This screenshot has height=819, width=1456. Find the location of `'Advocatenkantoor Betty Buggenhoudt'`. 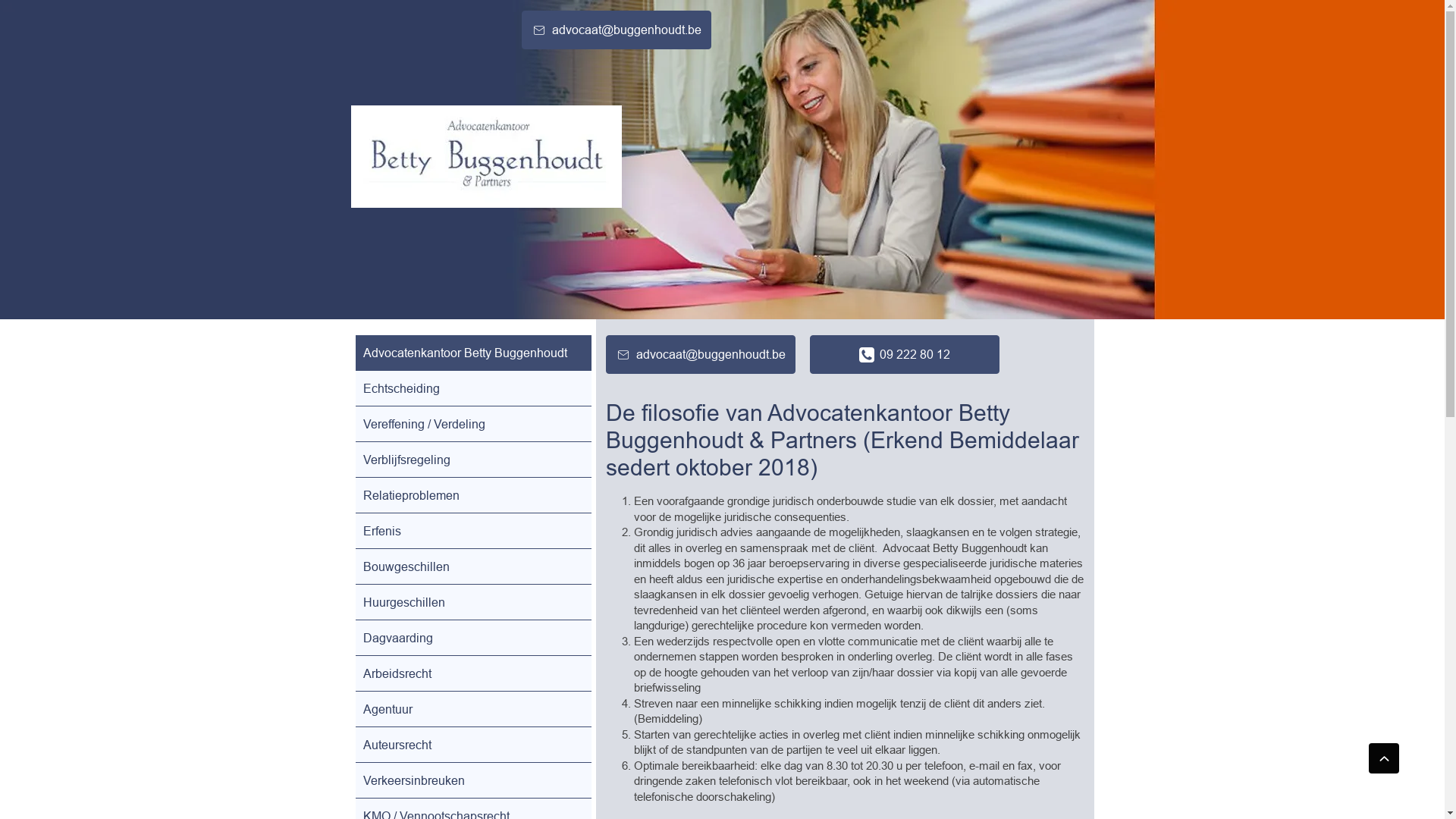

'Advocatenkantoor Betty Buggenhoudt' is located at coordinates (472, 353).